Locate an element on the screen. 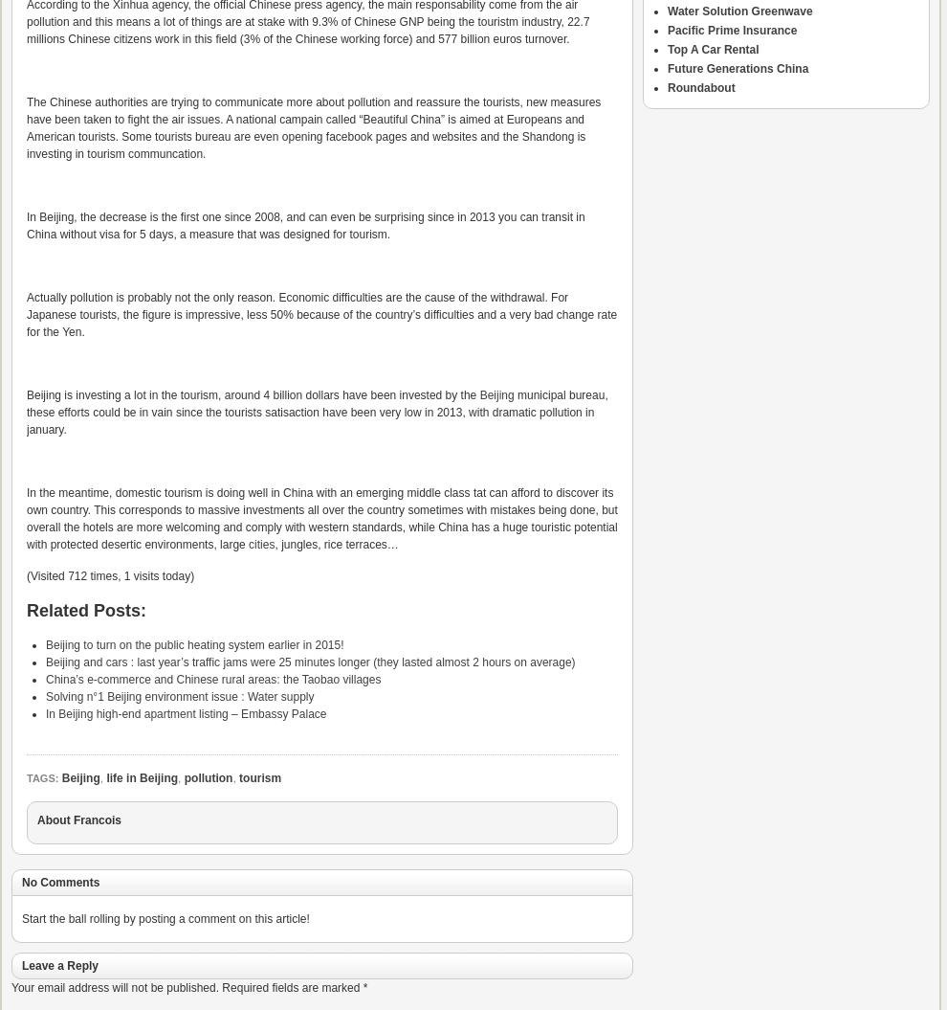  'Roundabout' is located at coordinates (699, 86).